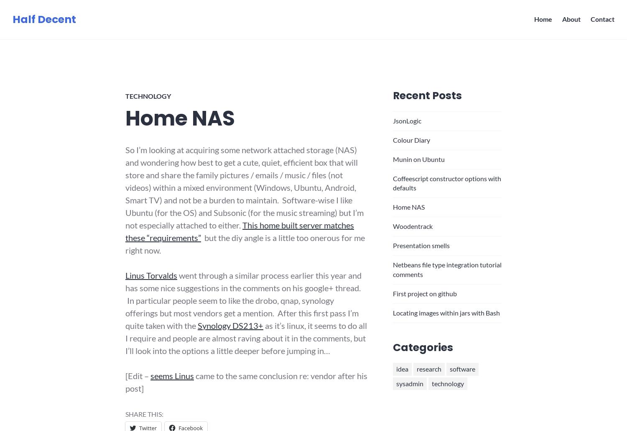  Describe the element at coordinates (44, 19) in the screenshot. I see `'Half Decent'` at that location.